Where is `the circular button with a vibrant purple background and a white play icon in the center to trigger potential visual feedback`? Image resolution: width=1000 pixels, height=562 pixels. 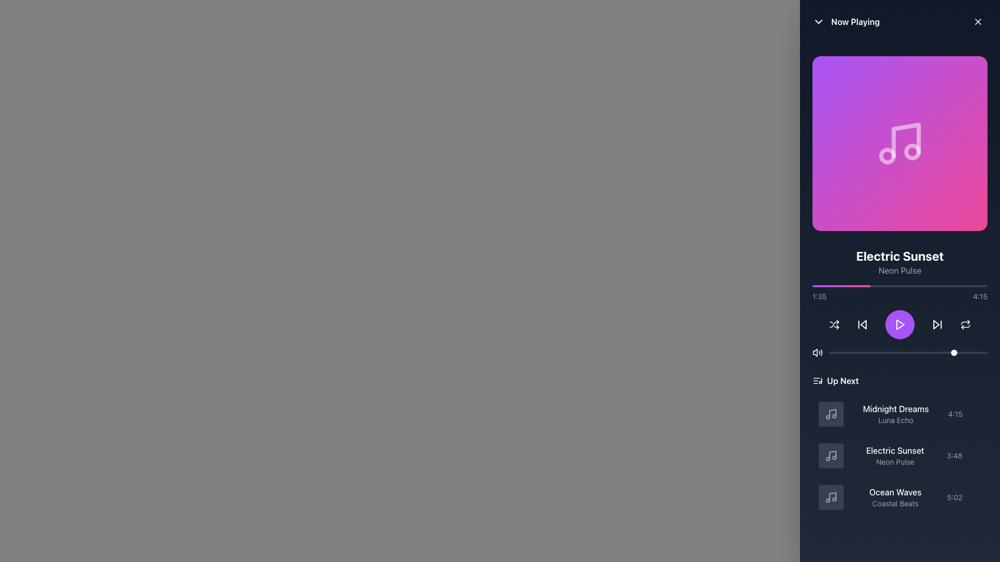
the circular button with a vibrant purple background and a white play icon in the center to trigger potential visual feedback is located at coordinates (899, 324).